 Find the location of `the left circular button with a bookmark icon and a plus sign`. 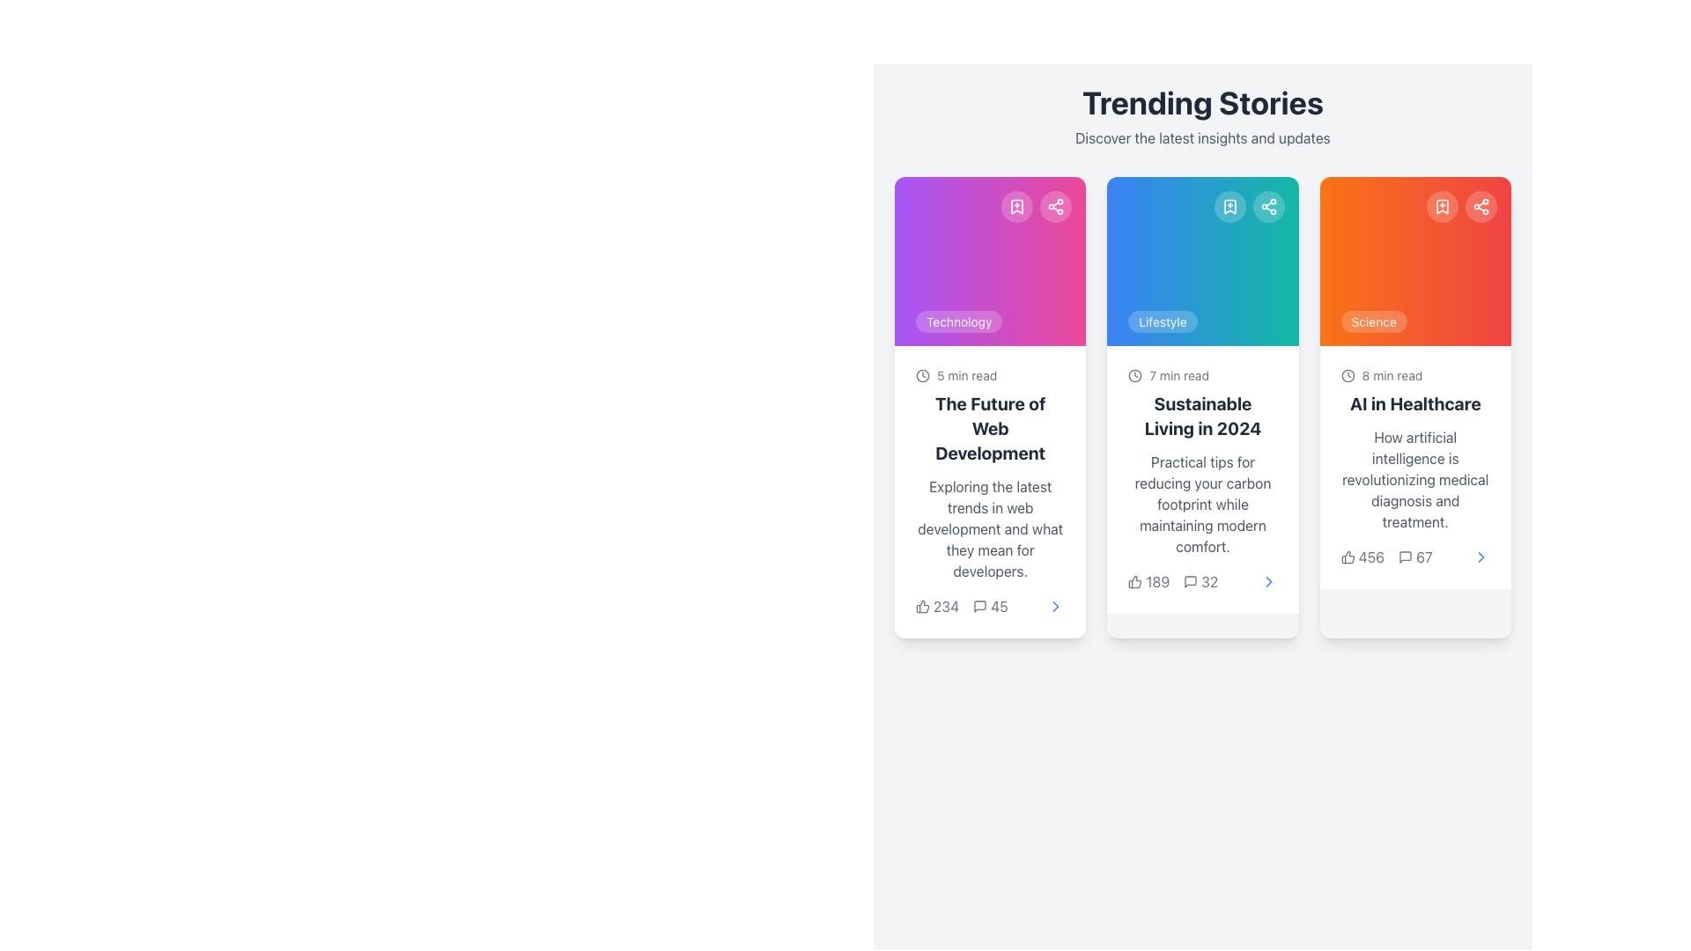

the left circular button with a bookmark icon and a plus sign is located at coordinates (1248, 206).